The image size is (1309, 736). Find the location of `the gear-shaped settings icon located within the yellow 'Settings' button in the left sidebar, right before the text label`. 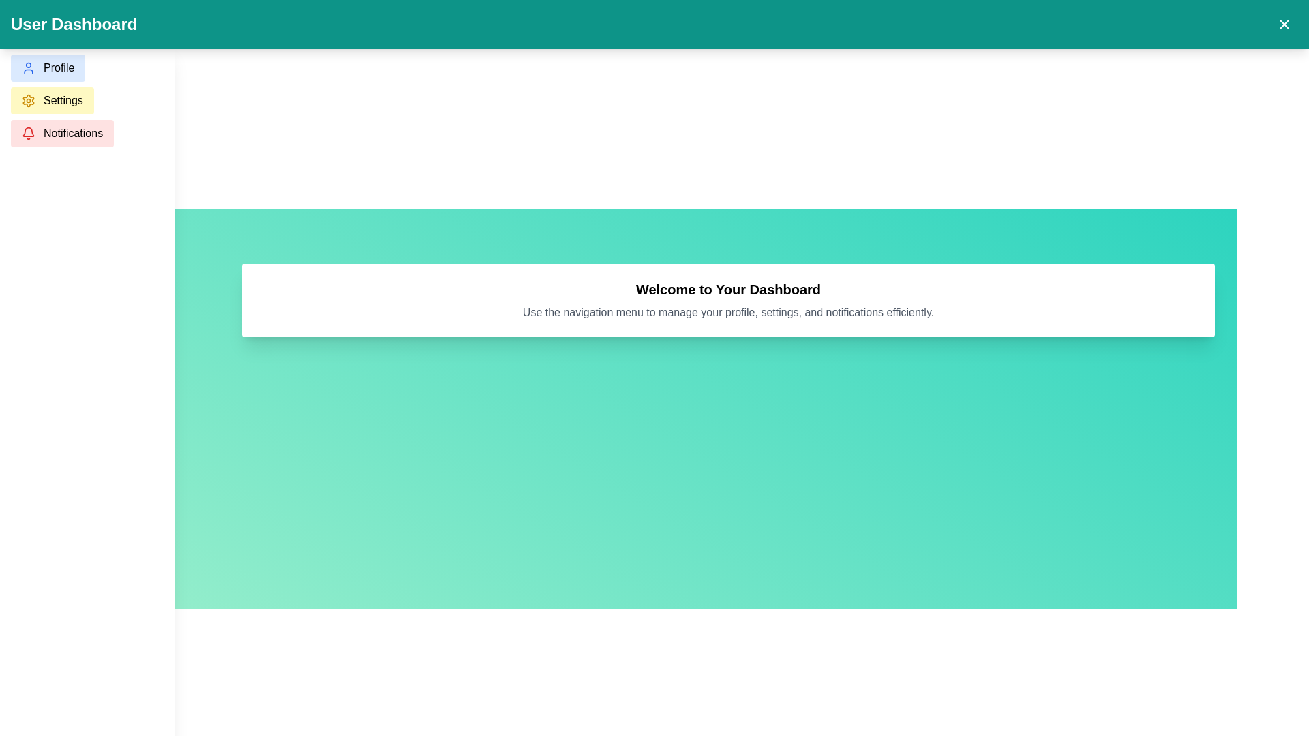

the gear-shaped settings icon located within the yellow 'Settings' button in the left sidebar, right before the text label is located at coordinates (29, 99).